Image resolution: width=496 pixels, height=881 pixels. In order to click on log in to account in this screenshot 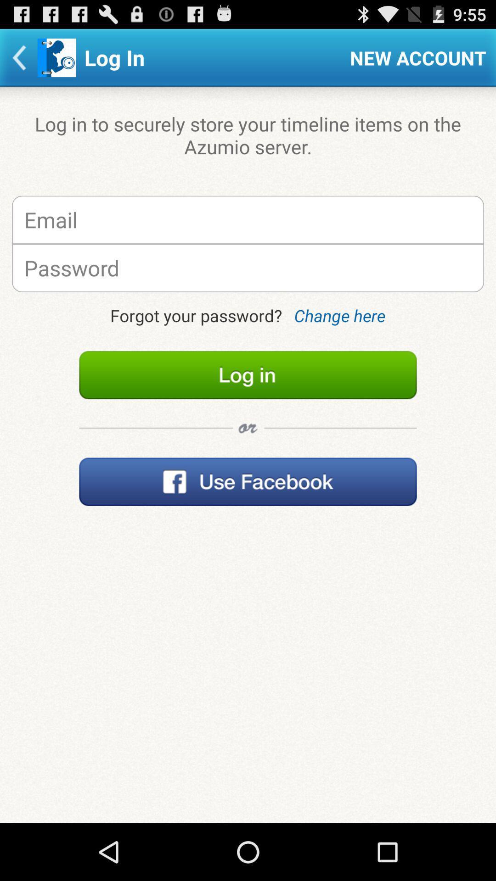, I will do `click(248, 375)`.